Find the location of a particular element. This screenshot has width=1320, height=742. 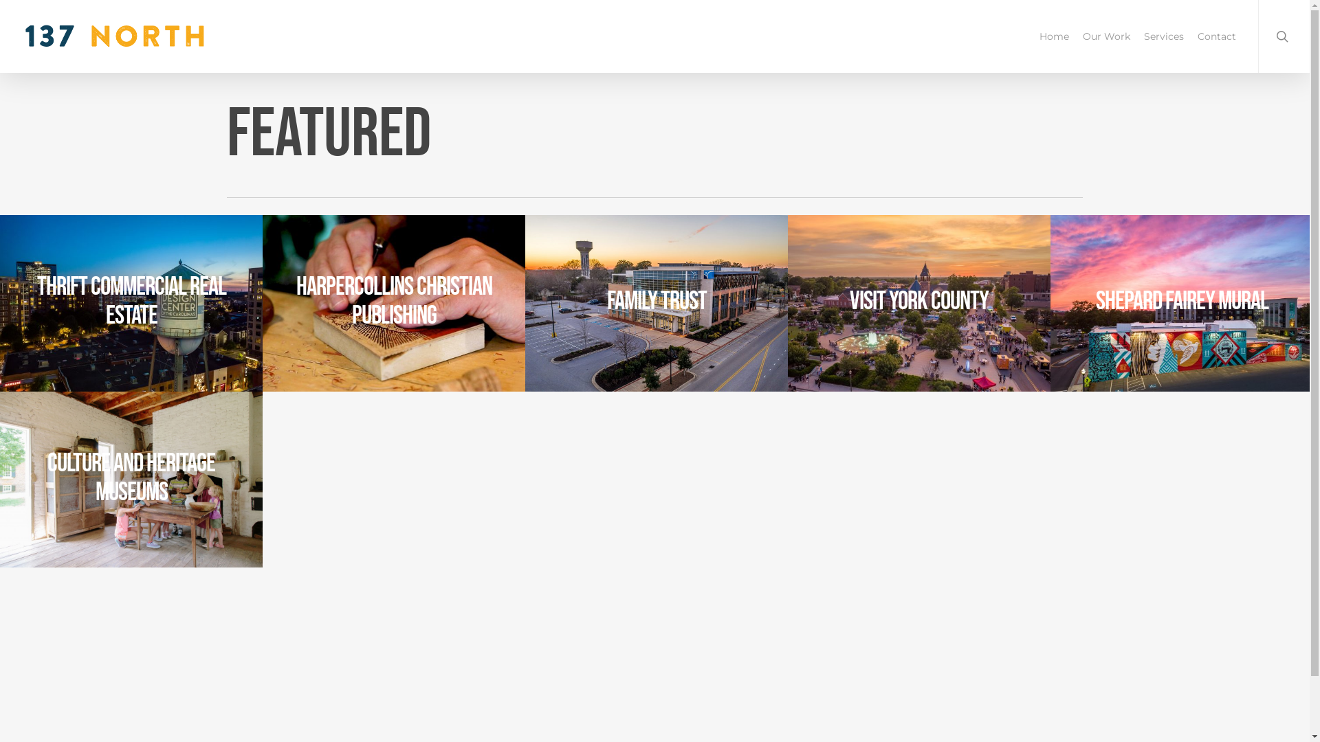

'search' is located at coordinates (1283, 36).